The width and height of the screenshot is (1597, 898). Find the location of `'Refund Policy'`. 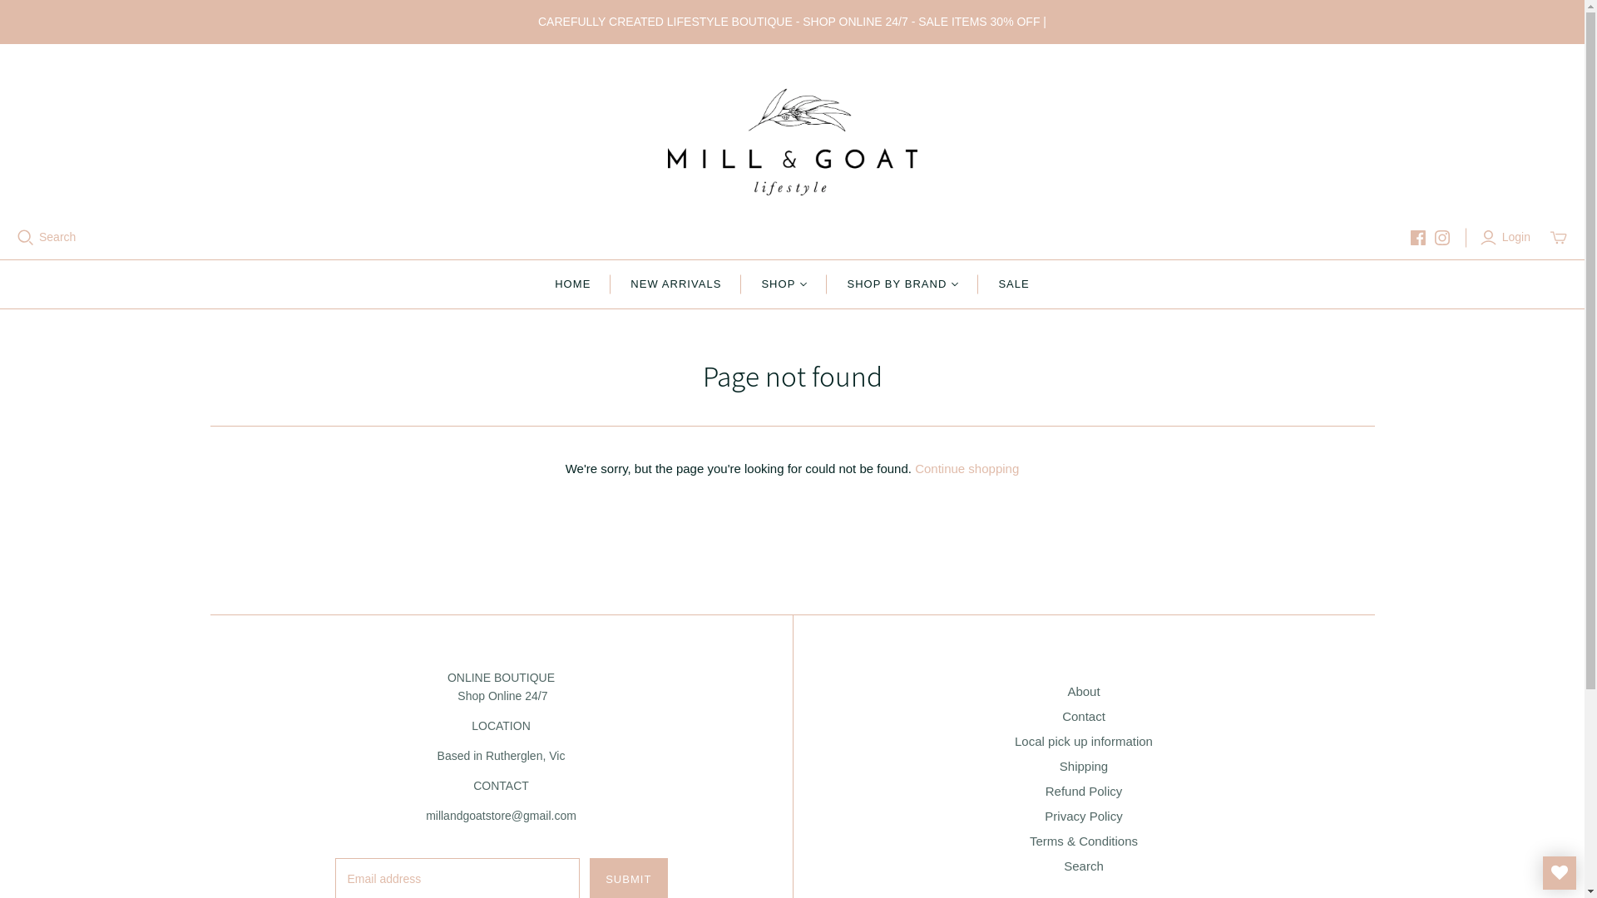

'Refund Policy' is located at coordinates (1084, 790).